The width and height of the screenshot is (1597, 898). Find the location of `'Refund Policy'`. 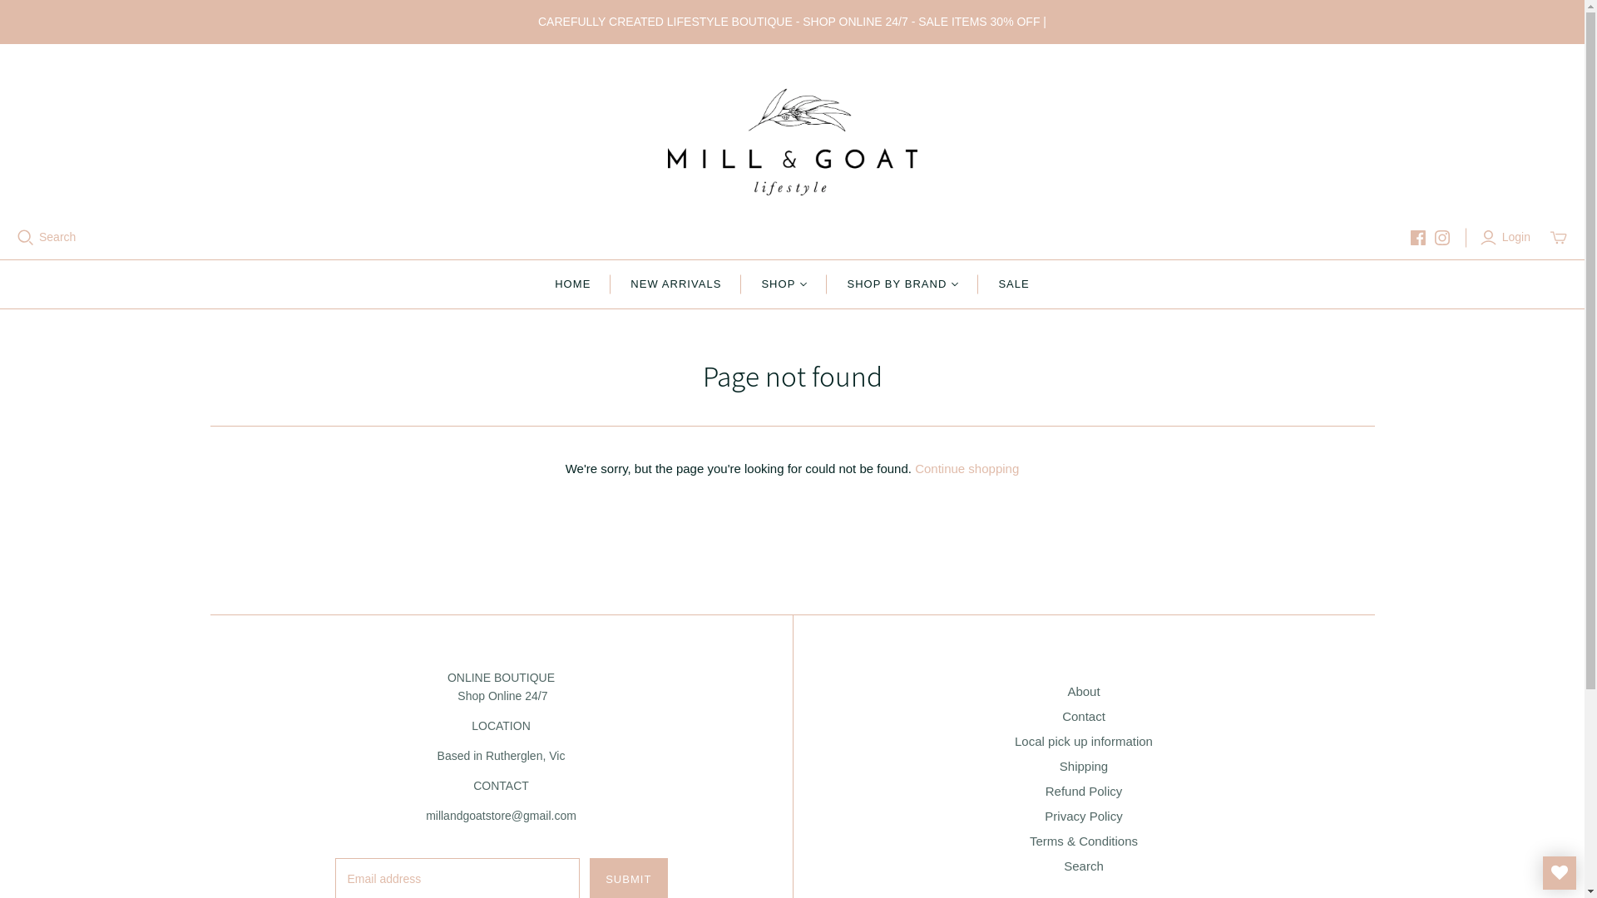

'Refund Policy' is located at coordinates (1084, 790).